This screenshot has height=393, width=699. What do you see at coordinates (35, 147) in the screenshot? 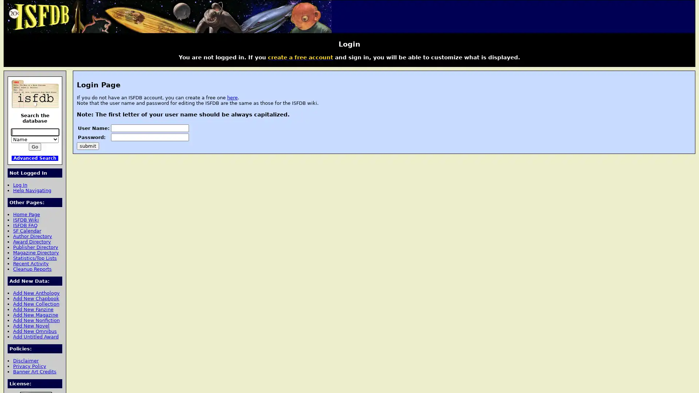
I see `Go` at bounding box center [35, 147].